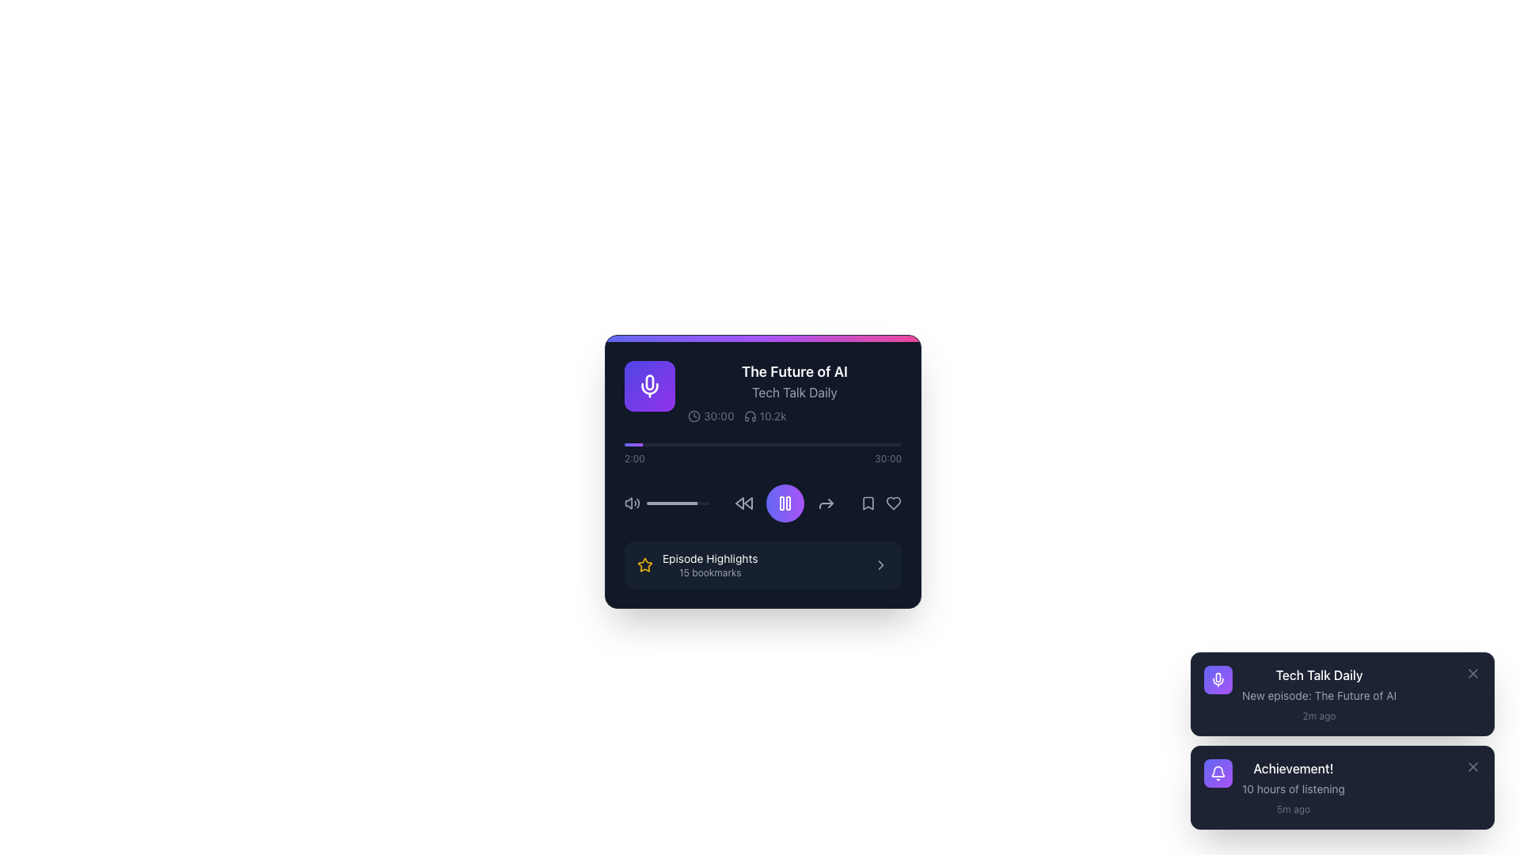 The height and width of the screenshot is (855, 1520). I want to click on numerical value displayed next to the headphones icon in the upper section of the 'The Future of AI' content card, so click(773, 415).